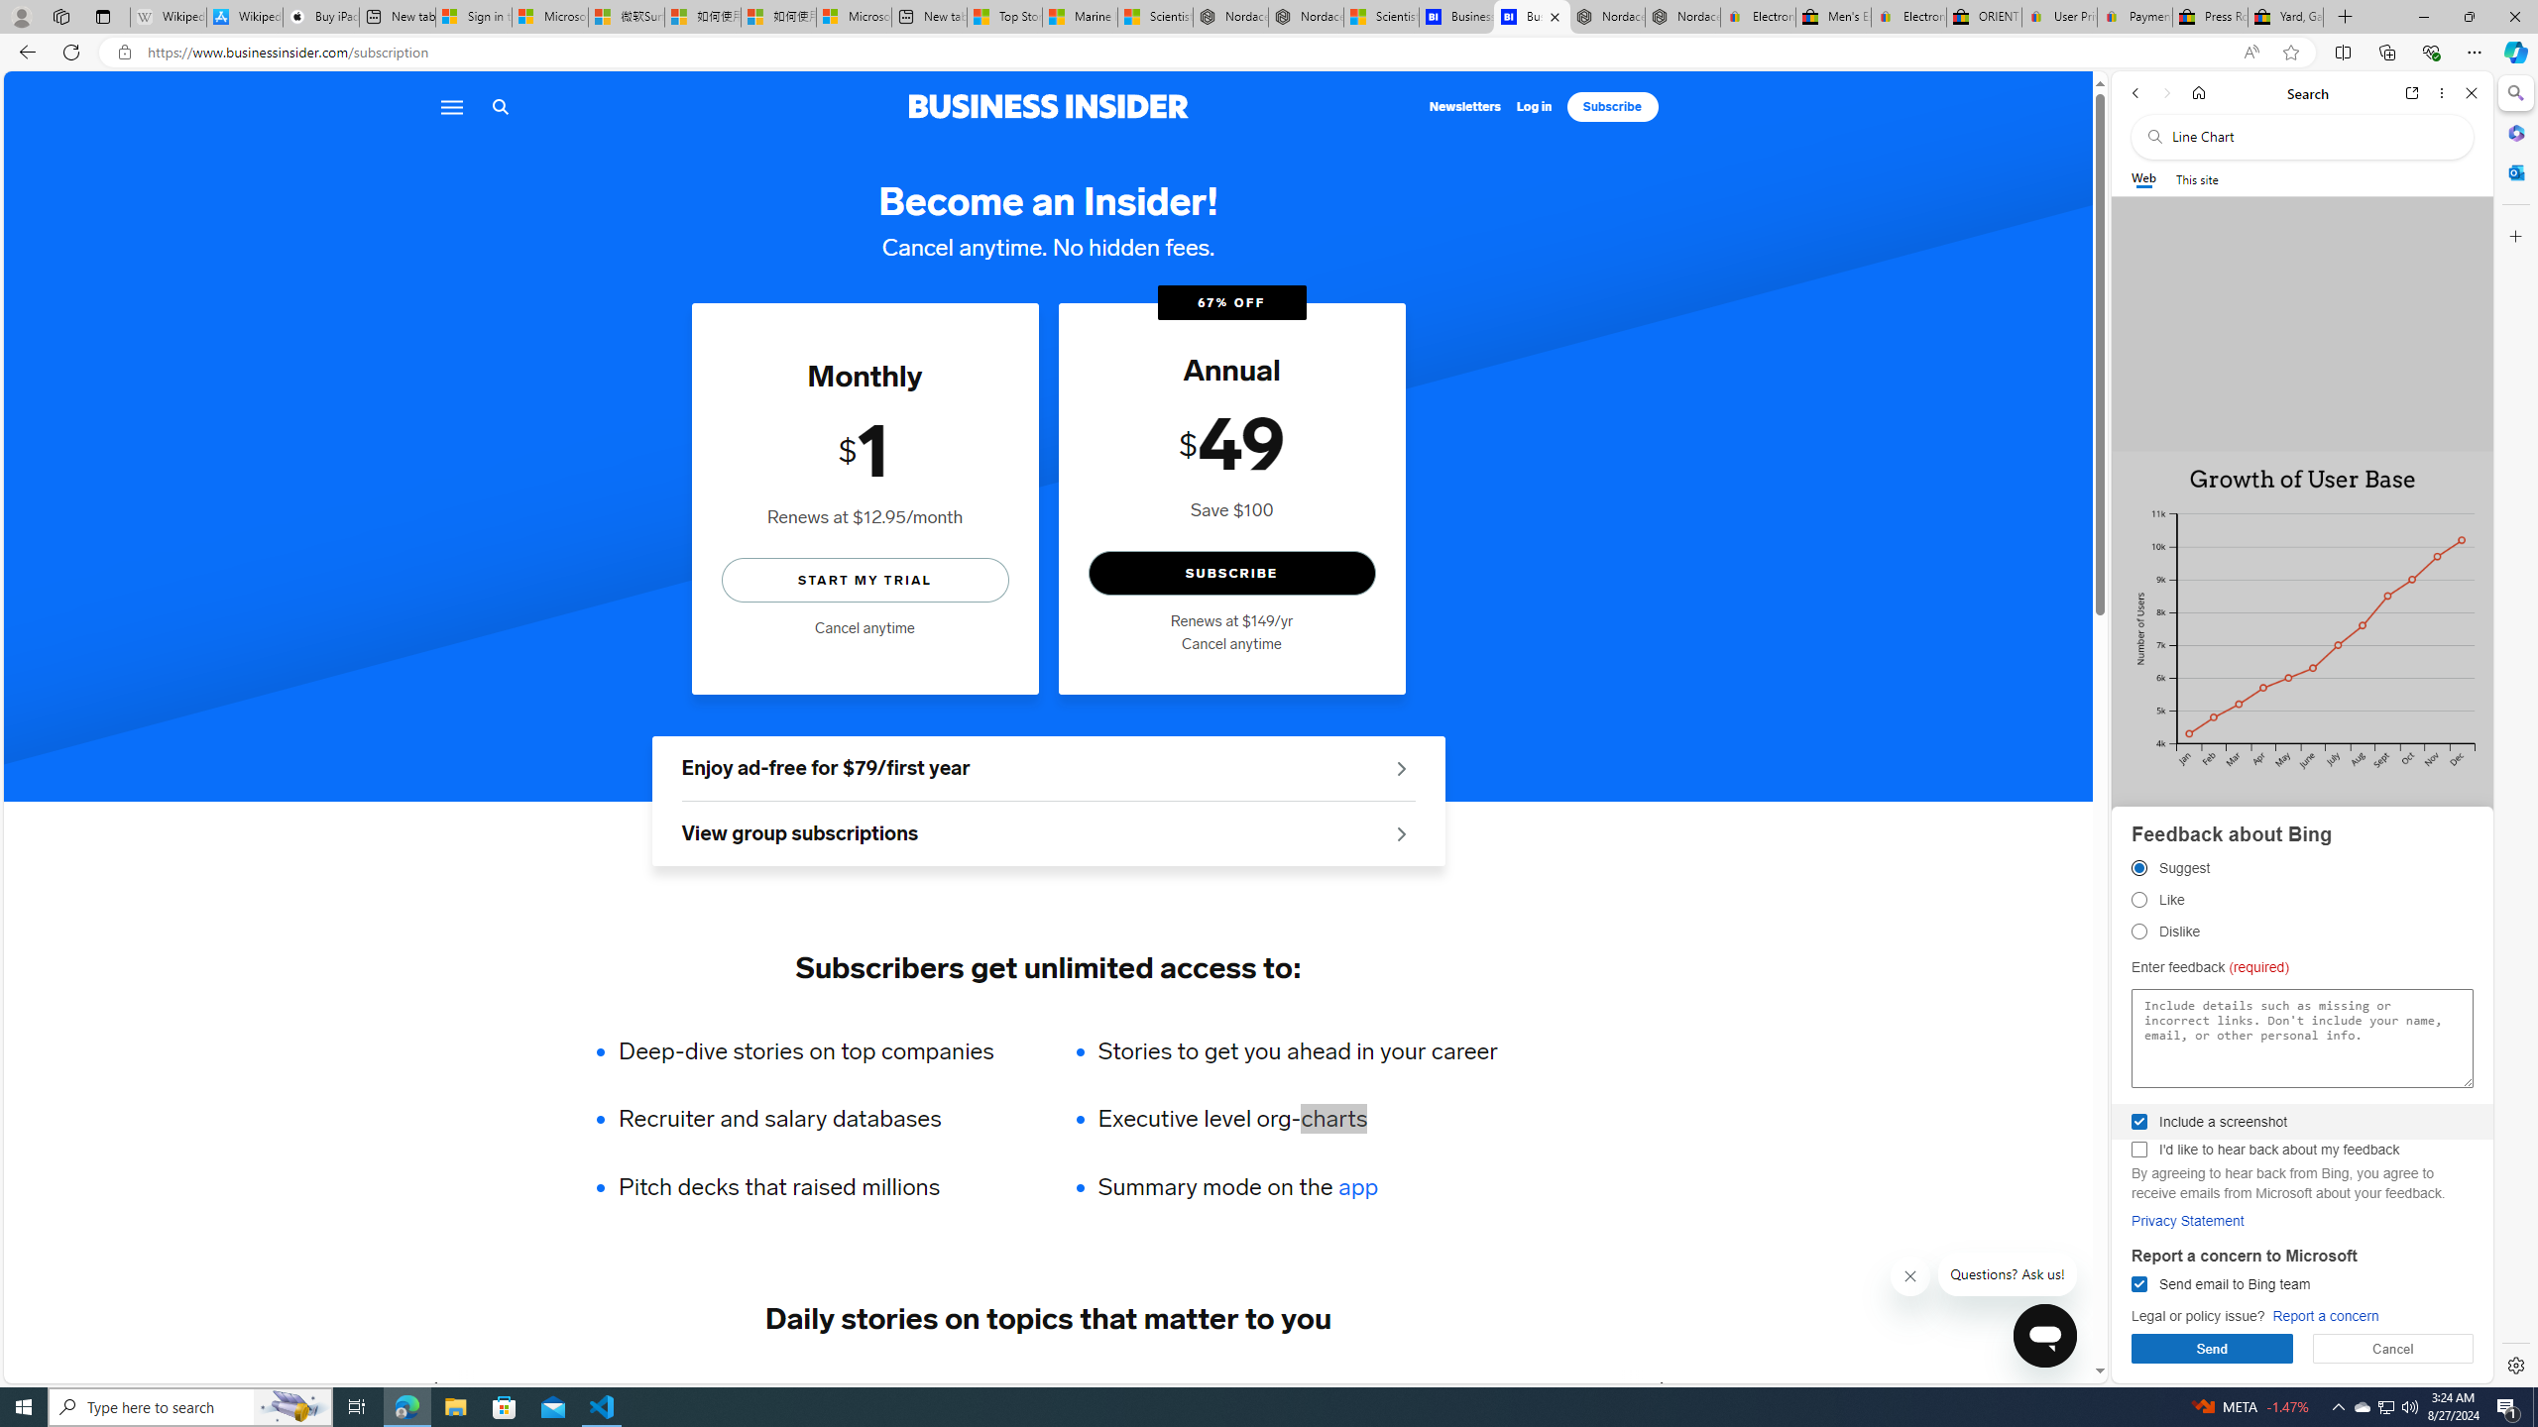 The height and width of the screenshot is (1427, 2538). I want to click on 'Search icon', so click(500, 106).